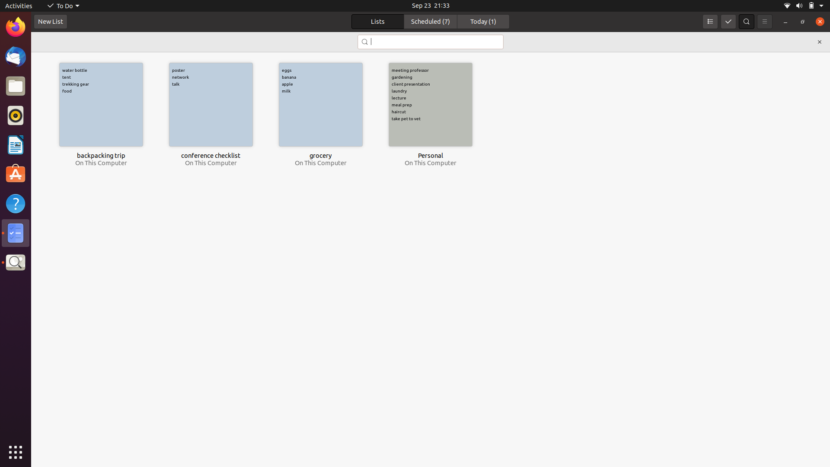 The height and width of the screenshot is (467, 830). Describe the element at coordinates (710, 21) in the screenshot. I see `Switch to list view` at that location.